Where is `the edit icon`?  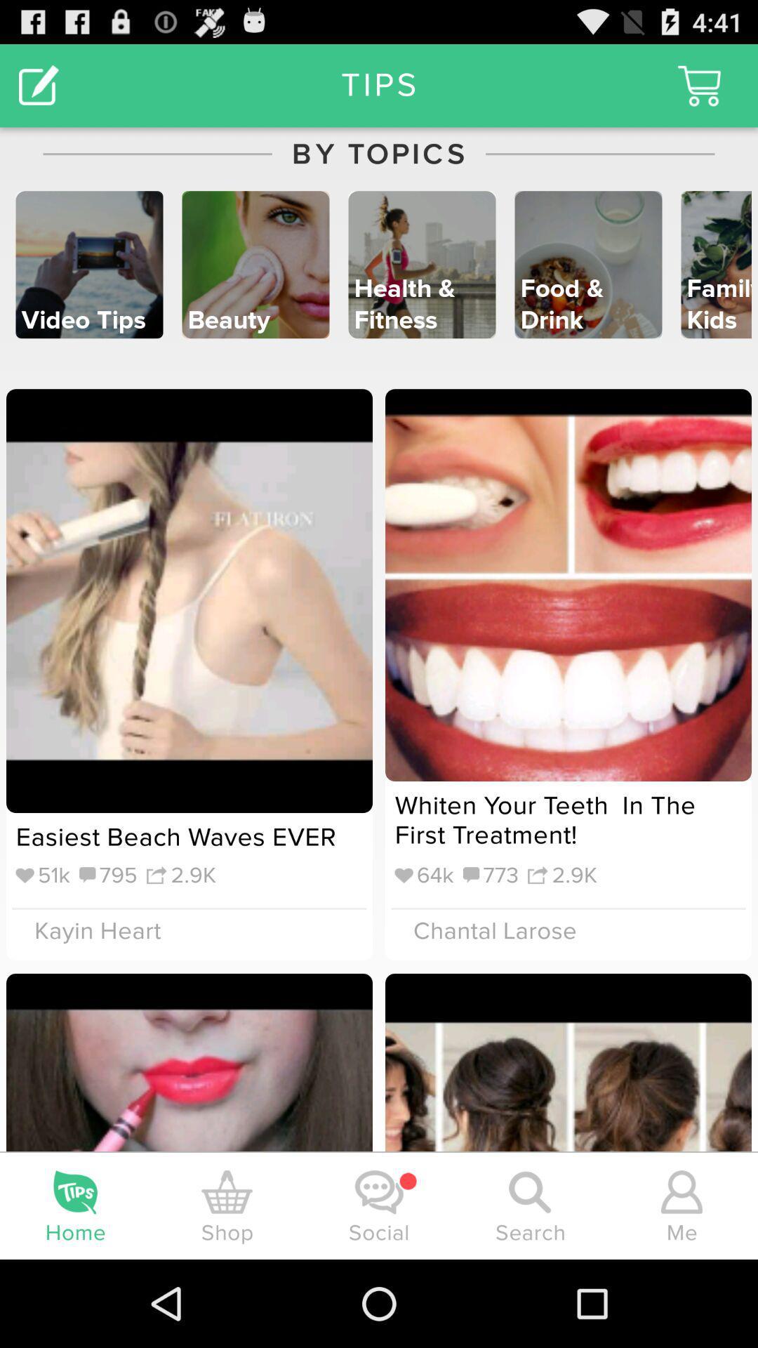
the edit icon is located at coordinates (38, 91).